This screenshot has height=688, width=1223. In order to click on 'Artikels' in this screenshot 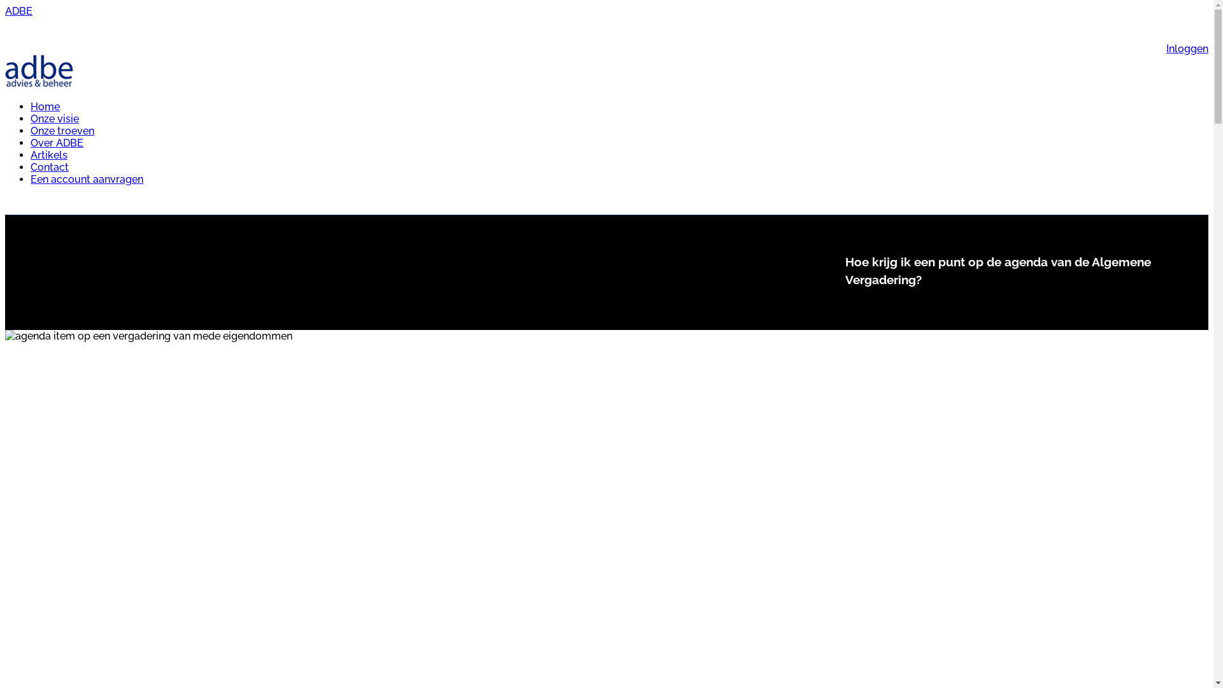, I will do `click(48, 154)`.